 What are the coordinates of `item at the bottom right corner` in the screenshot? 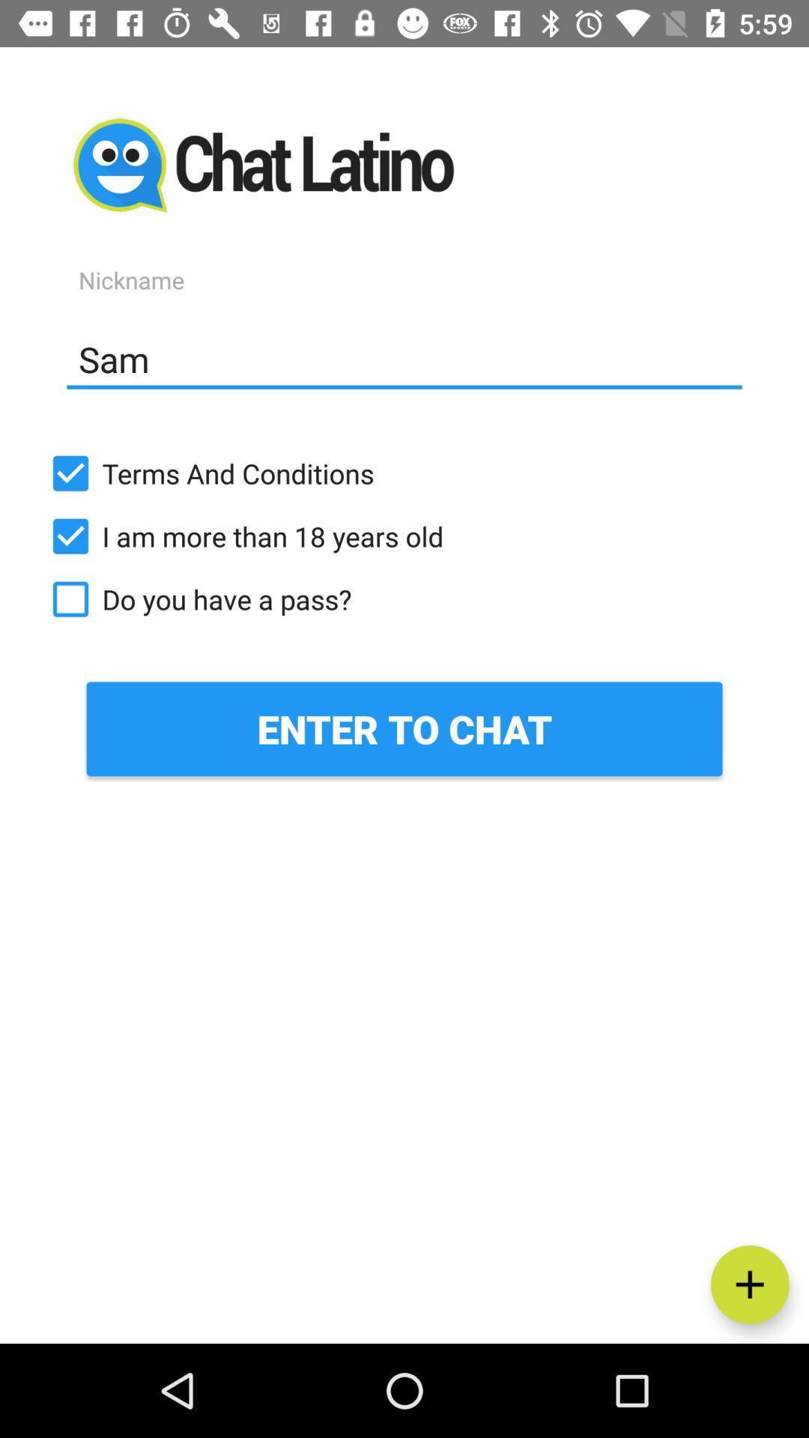 It's located at (750, 1284).